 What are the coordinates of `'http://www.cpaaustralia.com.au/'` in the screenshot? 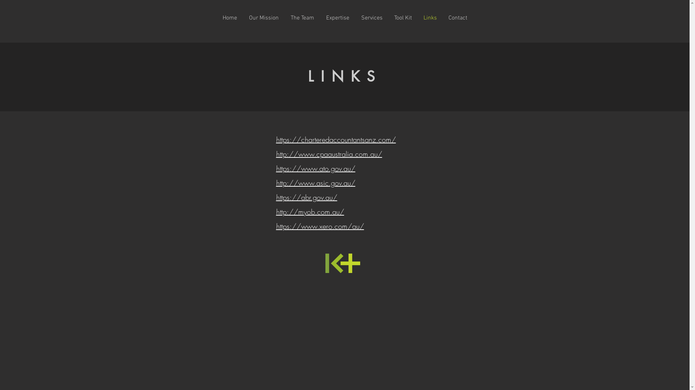 It's located at (328, 153).